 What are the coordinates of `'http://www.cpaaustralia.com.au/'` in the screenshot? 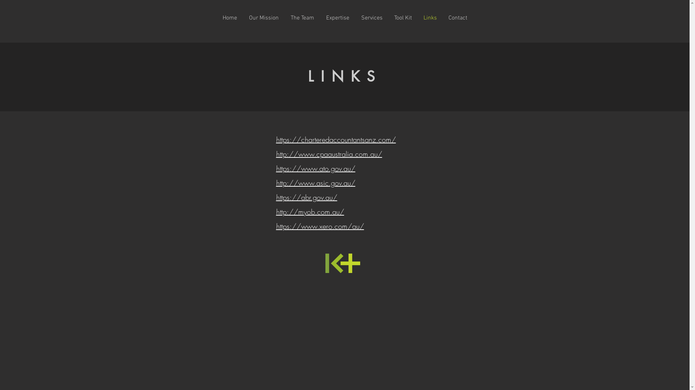 It's located at (328, 153).